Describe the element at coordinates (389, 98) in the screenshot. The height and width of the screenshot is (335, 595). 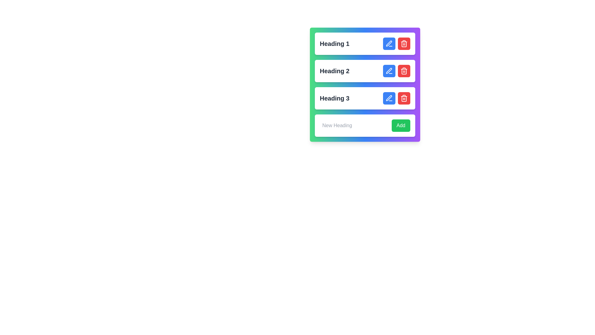
I see `the edit button located in the top-right corner of the third row to observe the color change` at that location.